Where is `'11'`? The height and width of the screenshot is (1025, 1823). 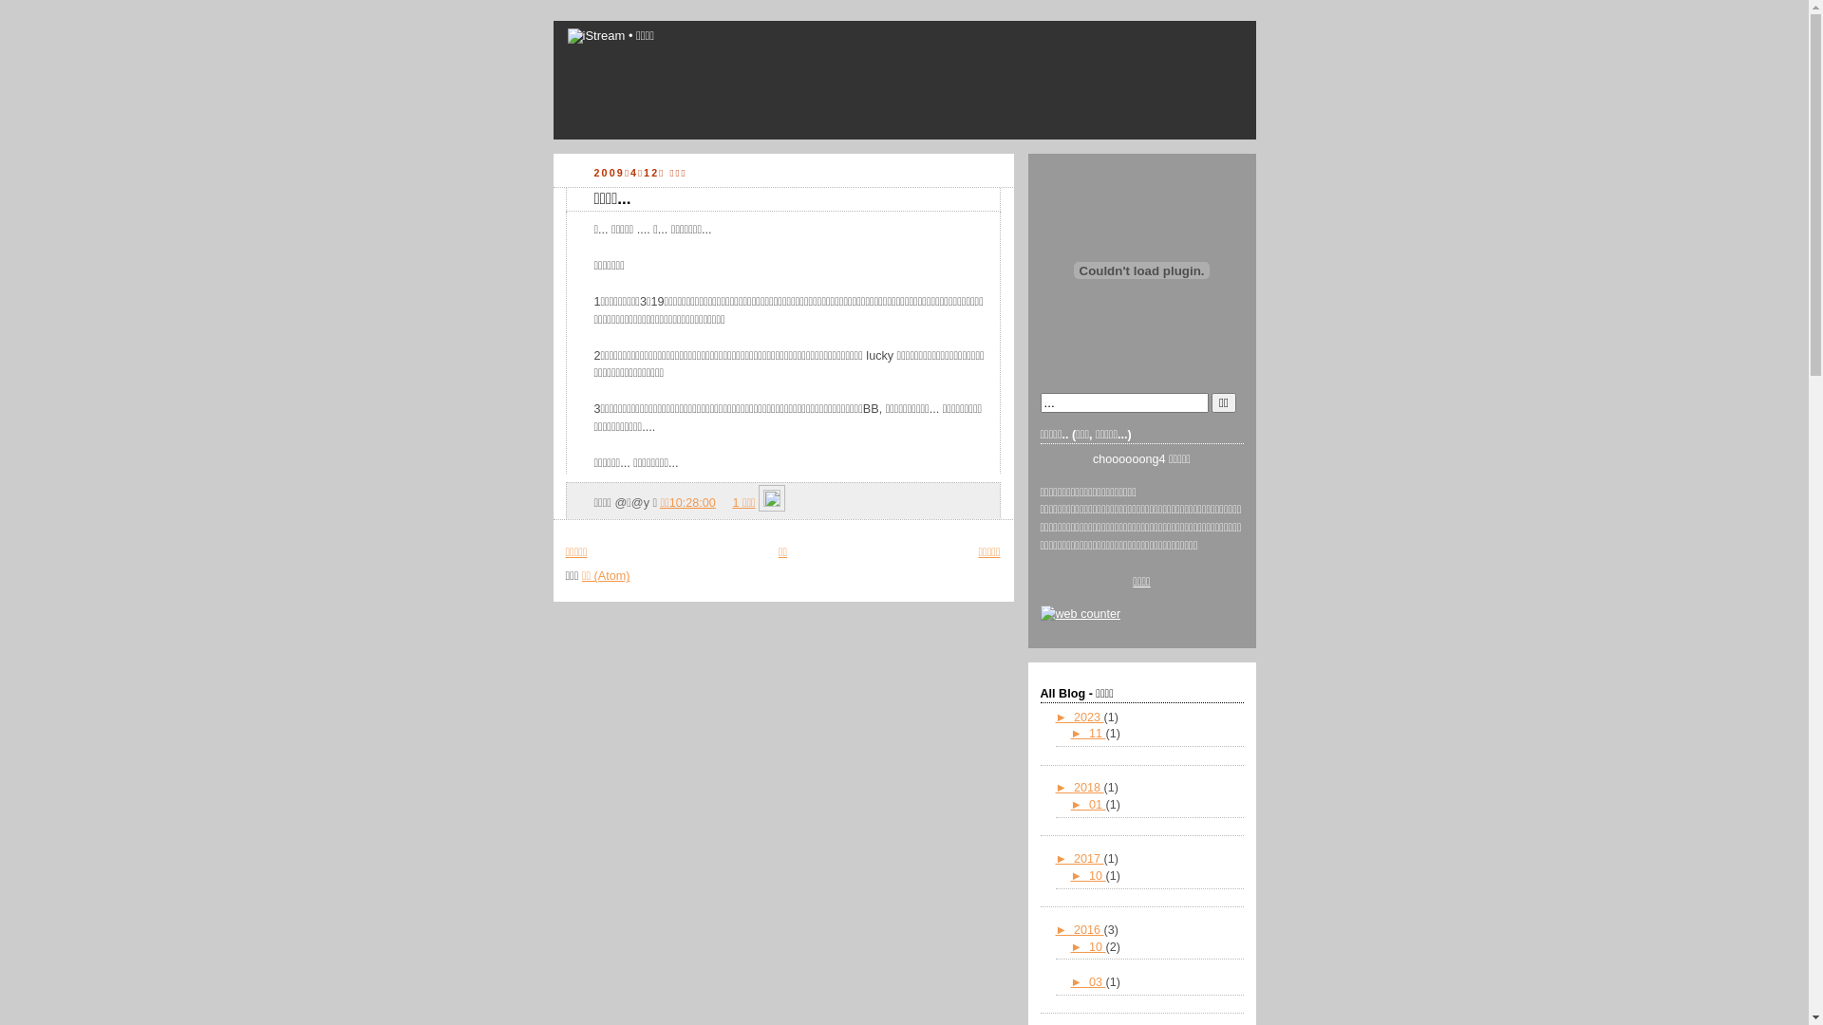 '11' is located at coordinates (1098, 732).